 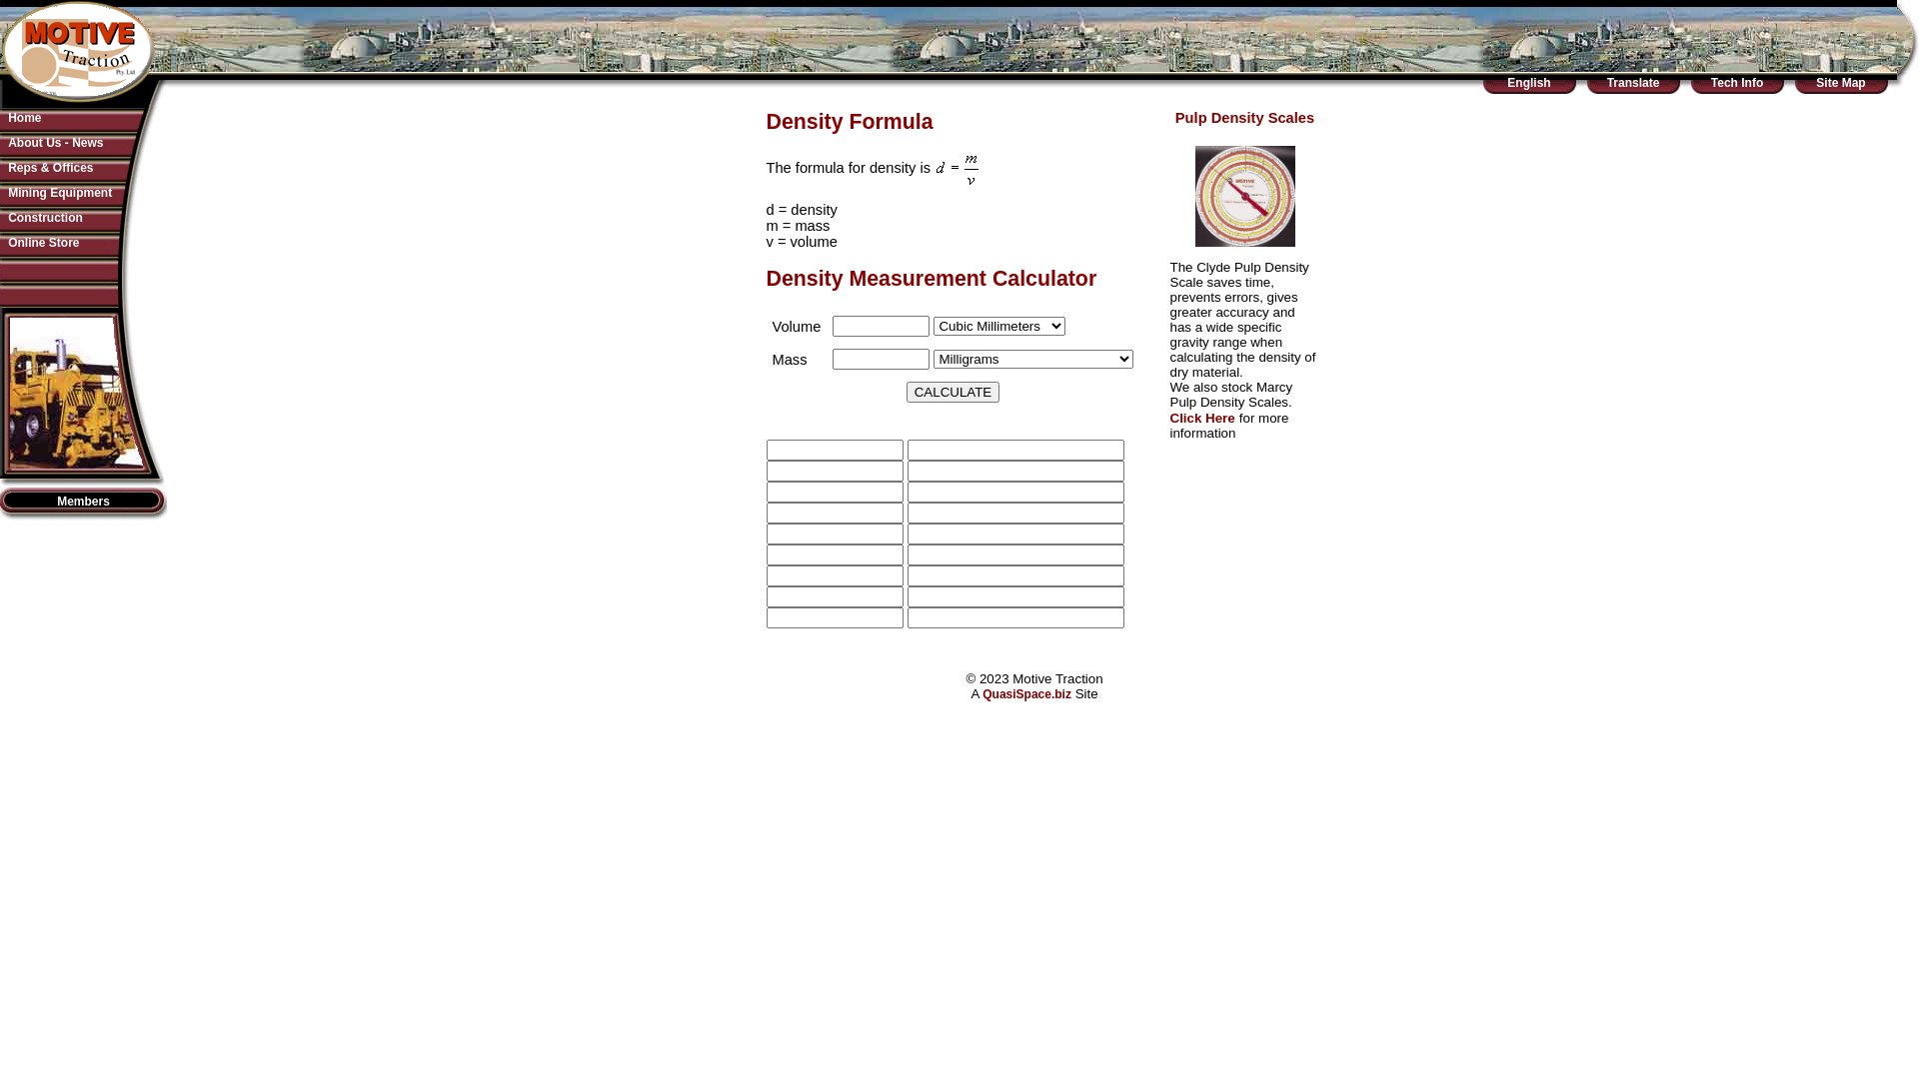 I want to click on 'Mining Equipment', so click(x=8, y=192).